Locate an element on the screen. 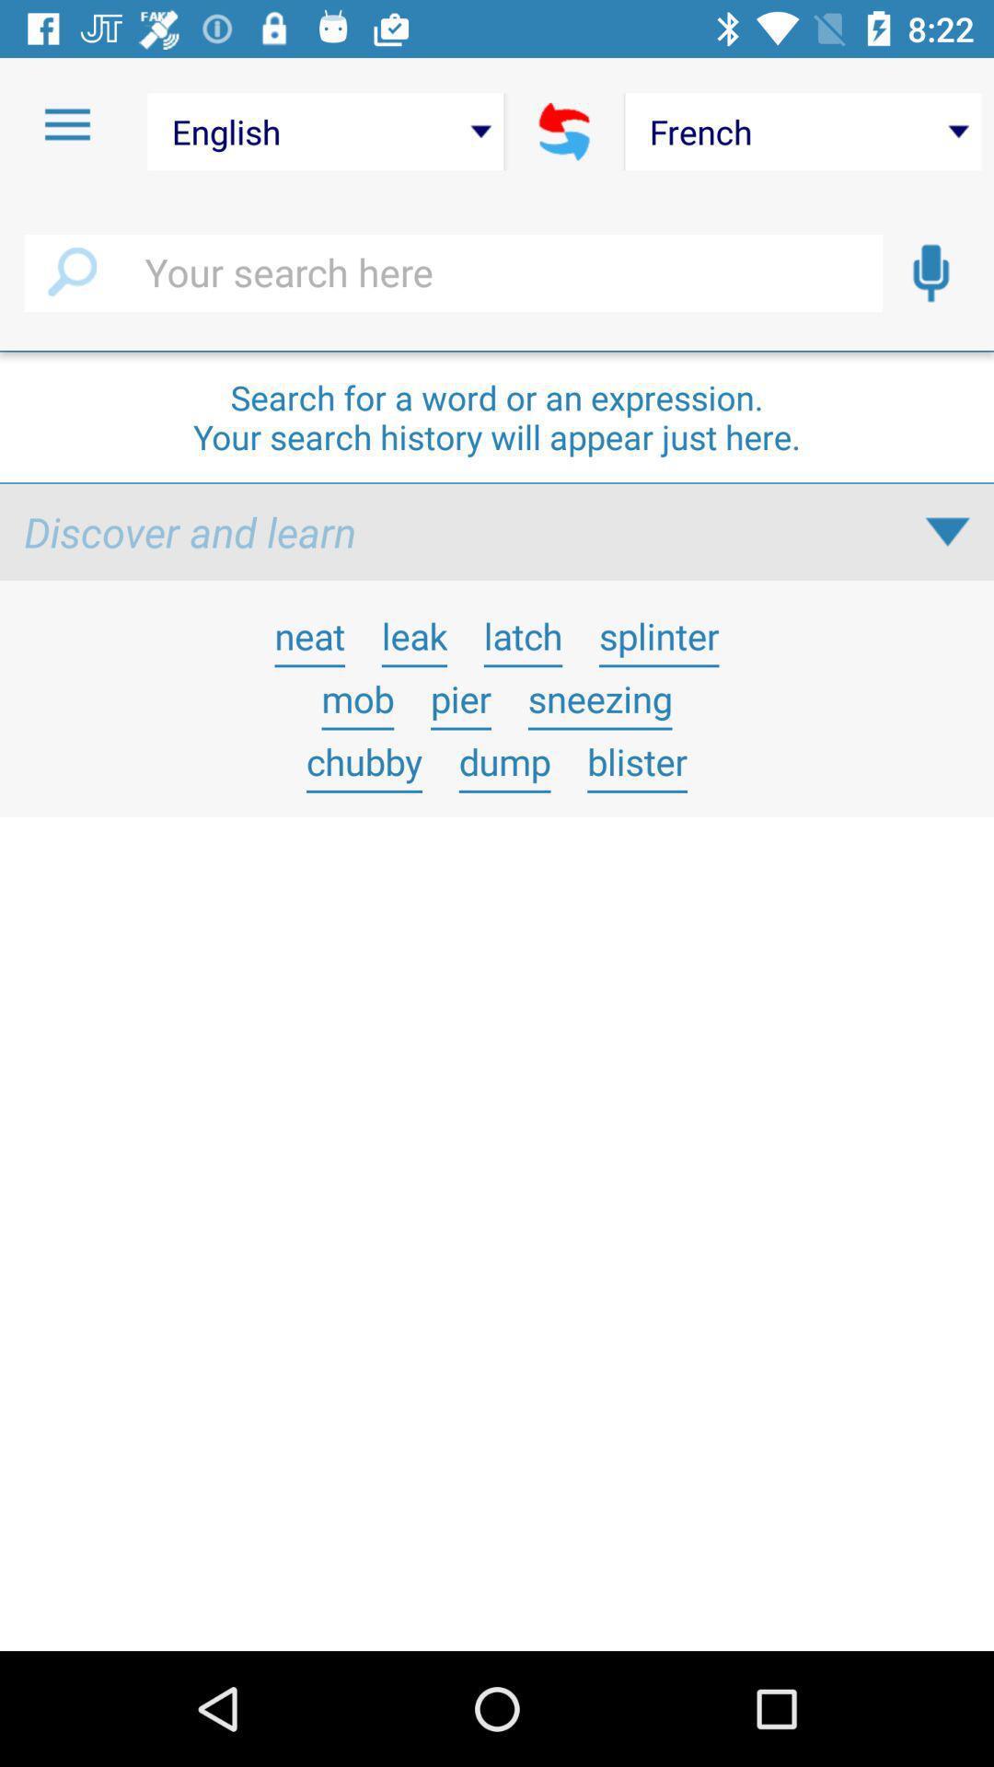  item next to the english item is located at coordinates (66, 124).